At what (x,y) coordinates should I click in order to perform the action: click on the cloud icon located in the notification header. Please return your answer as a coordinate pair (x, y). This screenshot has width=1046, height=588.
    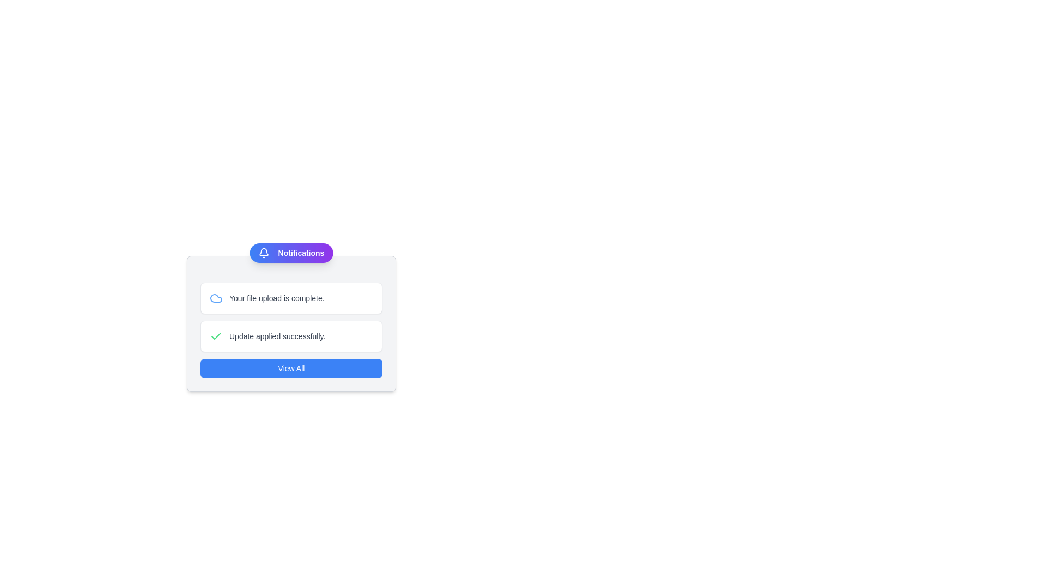
    Looking at the image, I should click on (216, 298).